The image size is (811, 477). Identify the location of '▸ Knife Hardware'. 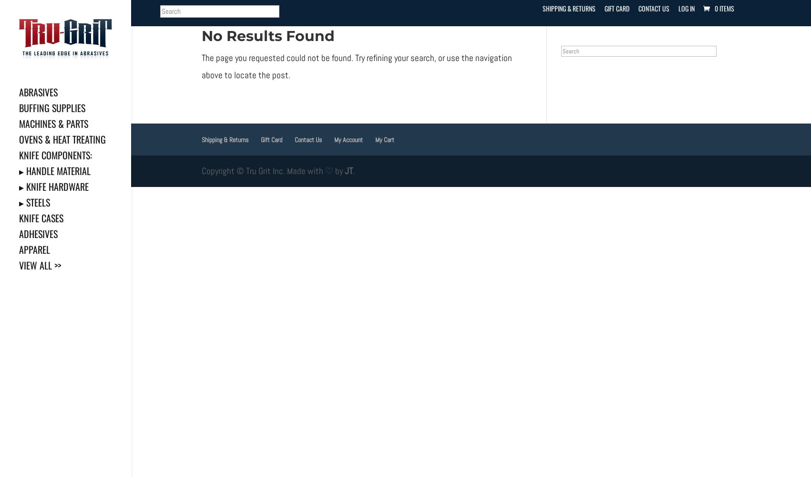
(53, 186).